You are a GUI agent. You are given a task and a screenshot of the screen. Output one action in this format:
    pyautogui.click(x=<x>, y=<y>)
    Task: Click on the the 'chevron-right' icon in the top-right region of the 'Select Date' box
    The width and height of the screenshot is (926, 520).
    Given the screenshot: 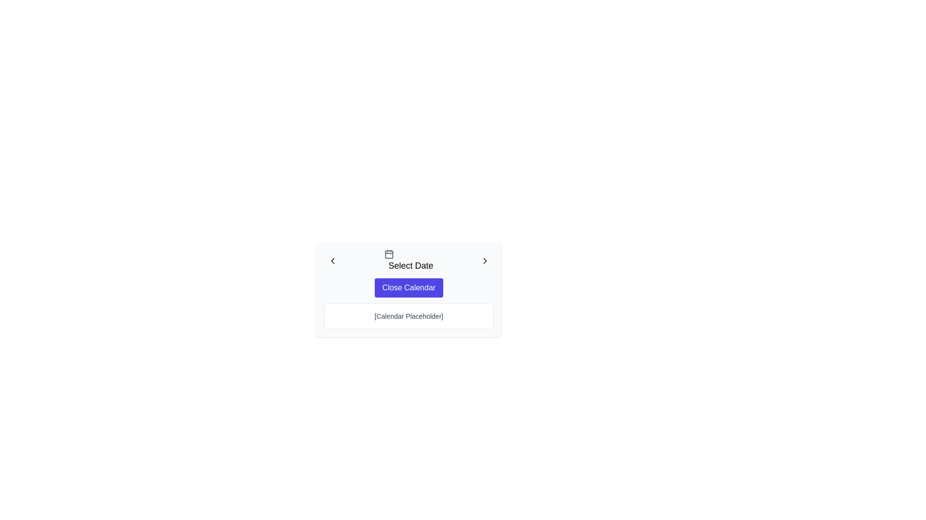 What is the action you would take?
    pyautogui.click(x=485, y=261)
    